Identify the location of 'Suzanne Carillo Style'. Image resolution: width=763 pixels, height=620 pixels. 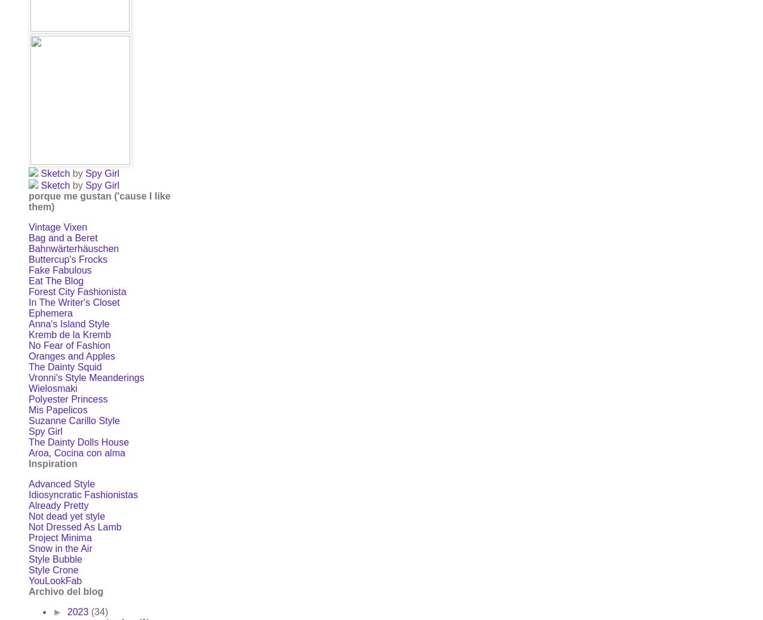
(73, 420).